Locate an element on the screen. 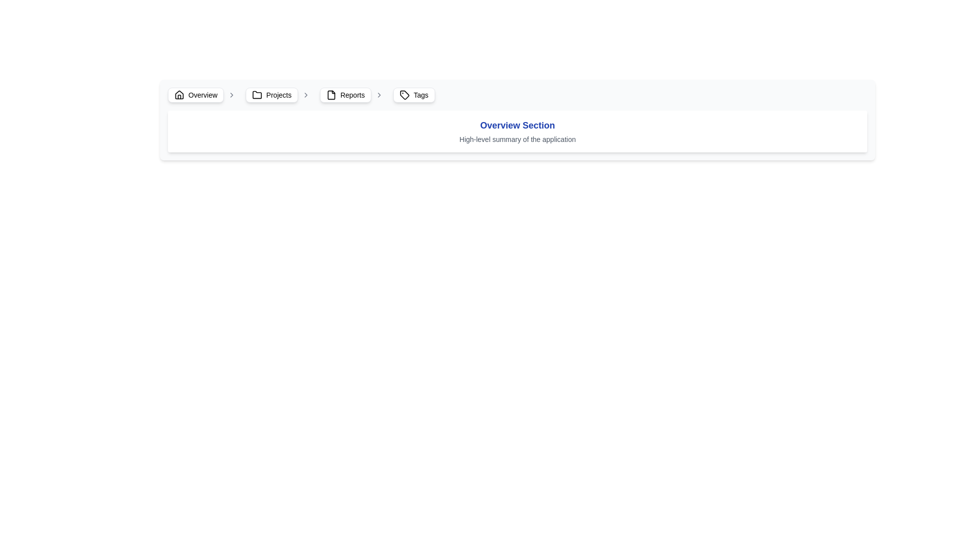  the 'Projects' text label within the breadcrumb navigation bar, which is part of a button-like component with rounded corners and light shading is located at coordinates (279, 95).